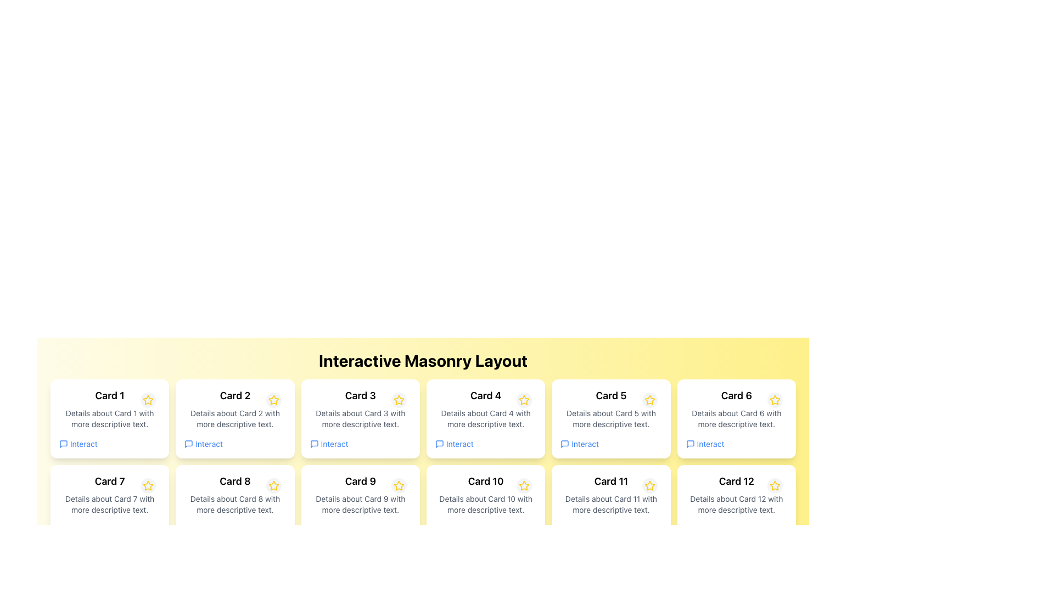  I want to click on the star icon located at the top-right corner of 'Card 2' to mark it as a favorite or rate it, so click(273, 400).